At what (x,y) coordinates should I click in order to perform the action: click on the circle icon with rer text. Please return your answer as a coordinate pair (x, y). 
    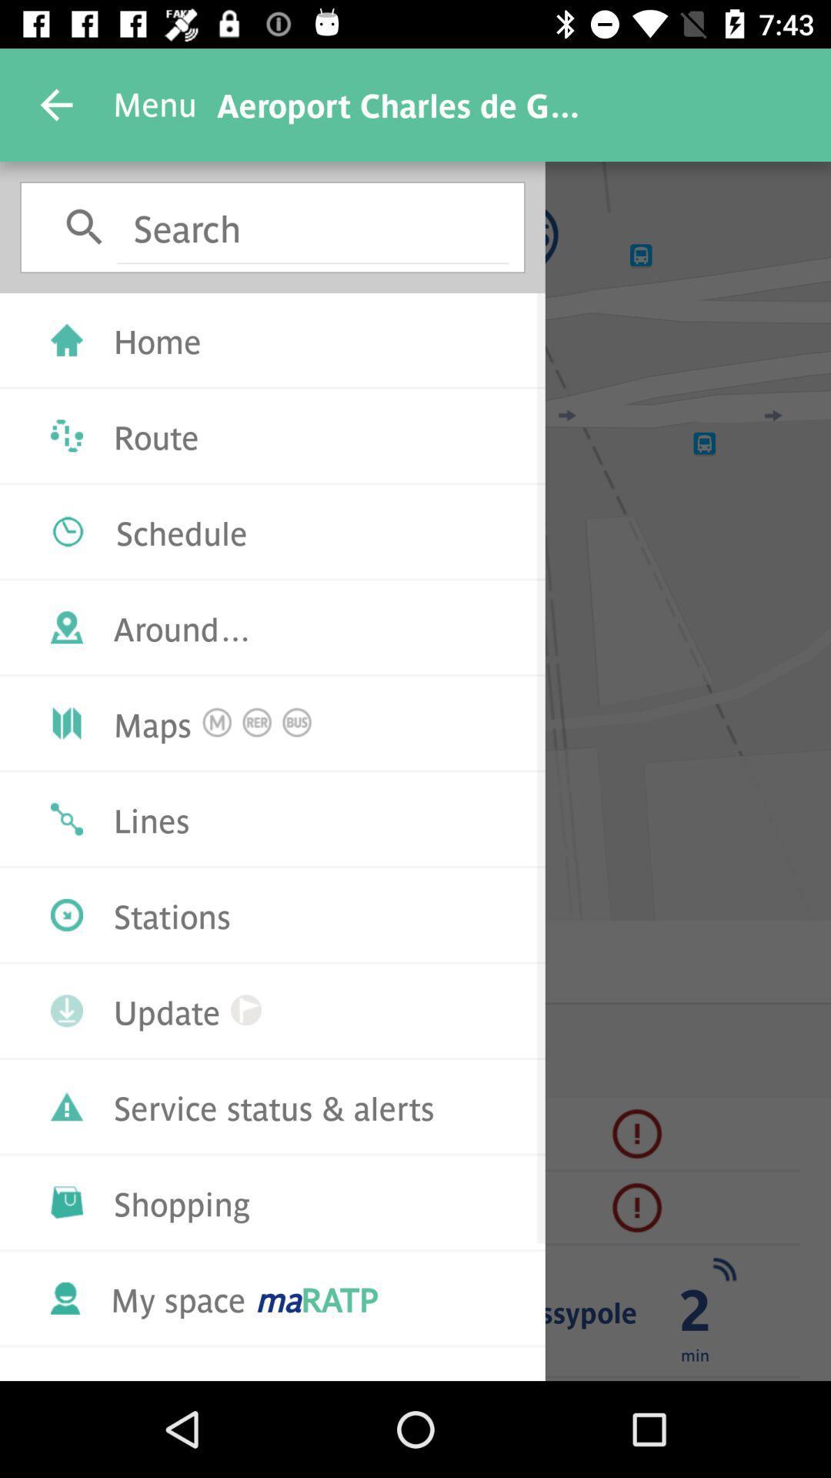
    Looking at the image, I should click on (256, 722).